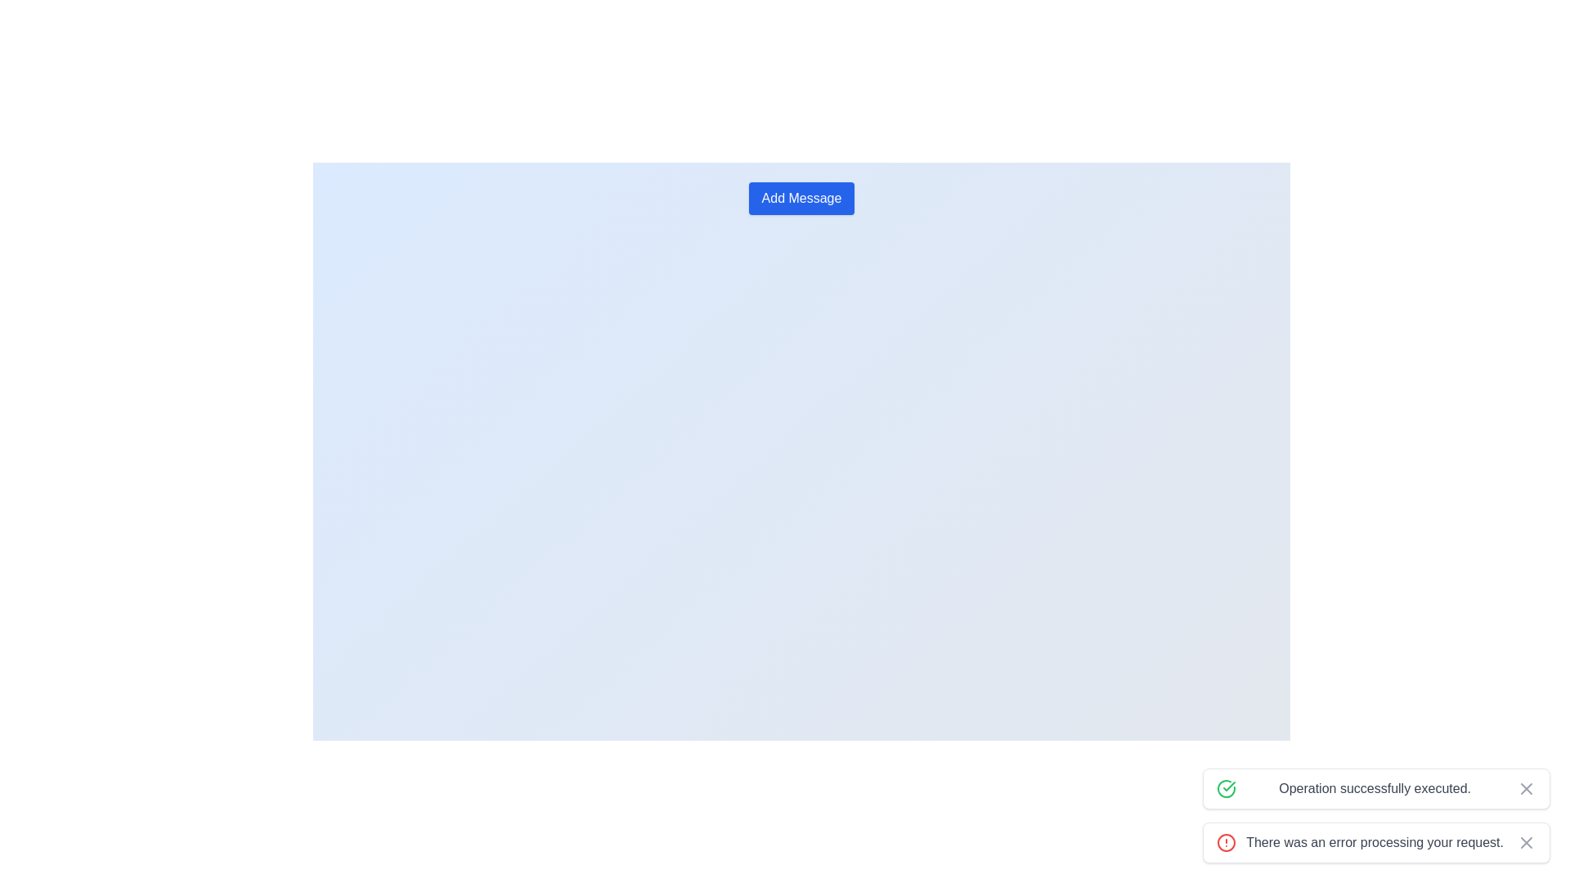 This screenshot has width=1570, height=883. I want to click on the decorative green checkmark icon within the SVG, which is positioned to the right and slightly below a circular element, so click(1229, 785).